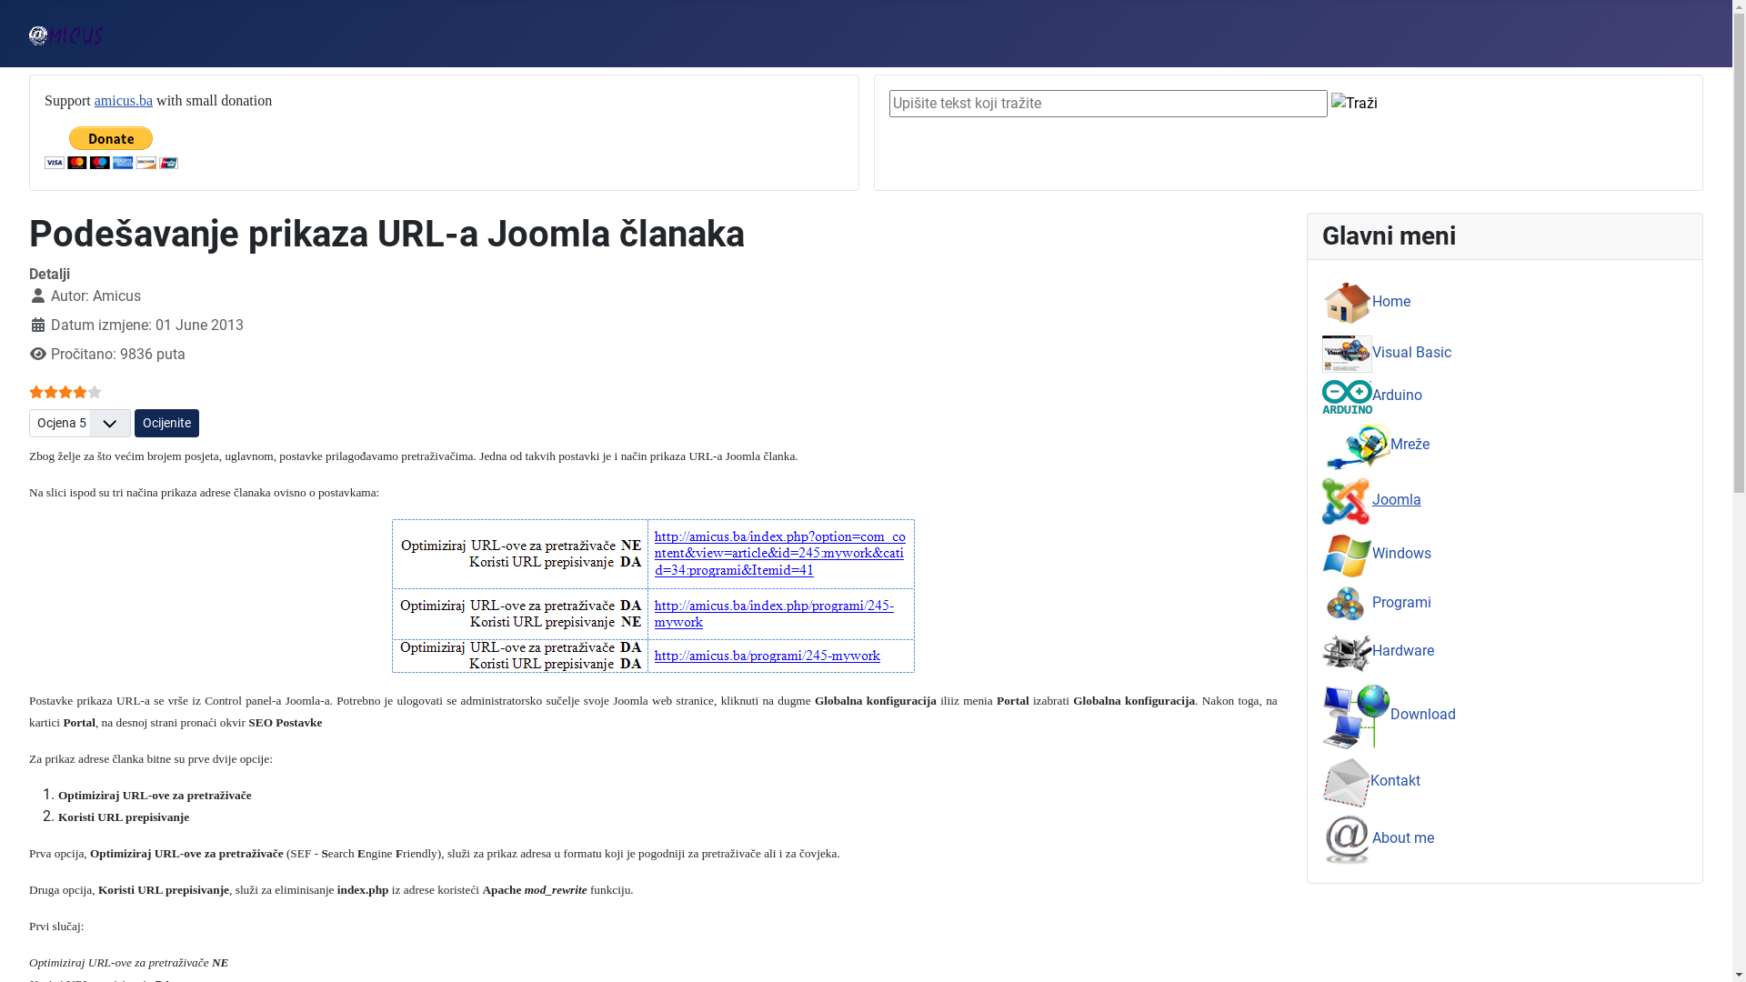  Describe the element at coordinates (1388, 713) in the screenshot. I see `'Download'` at that location.